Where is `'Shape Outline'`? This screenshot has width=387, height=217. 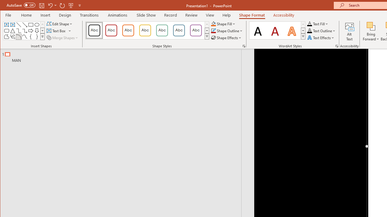 'Shape Outline' is located at coordinates (226, 31).